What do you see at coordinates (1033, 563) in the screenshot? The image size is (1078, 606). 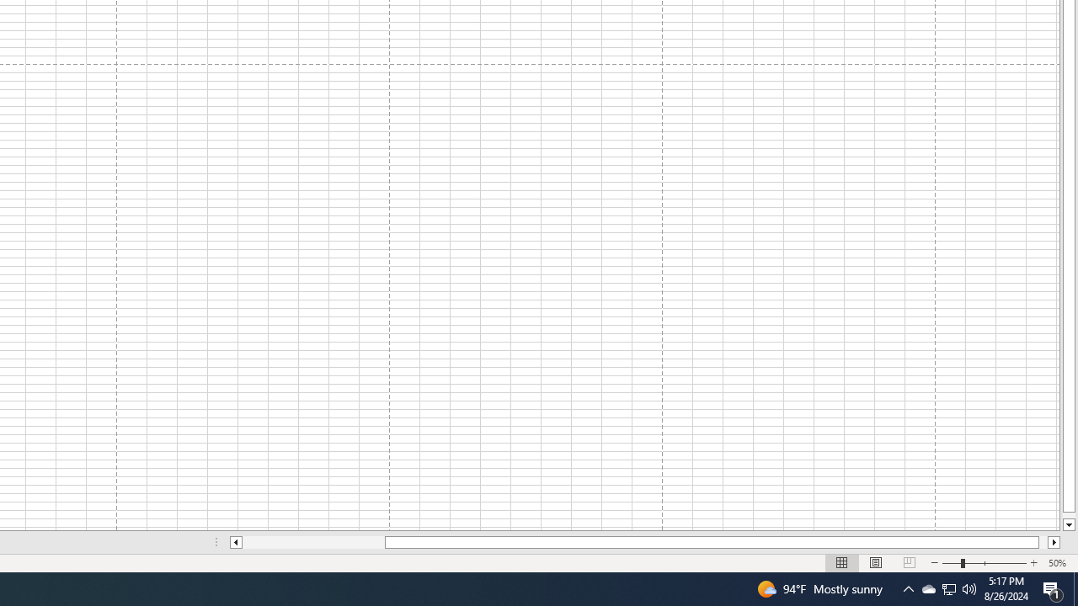 I see `'Zoom In'` at bounding box center [1033, 563].